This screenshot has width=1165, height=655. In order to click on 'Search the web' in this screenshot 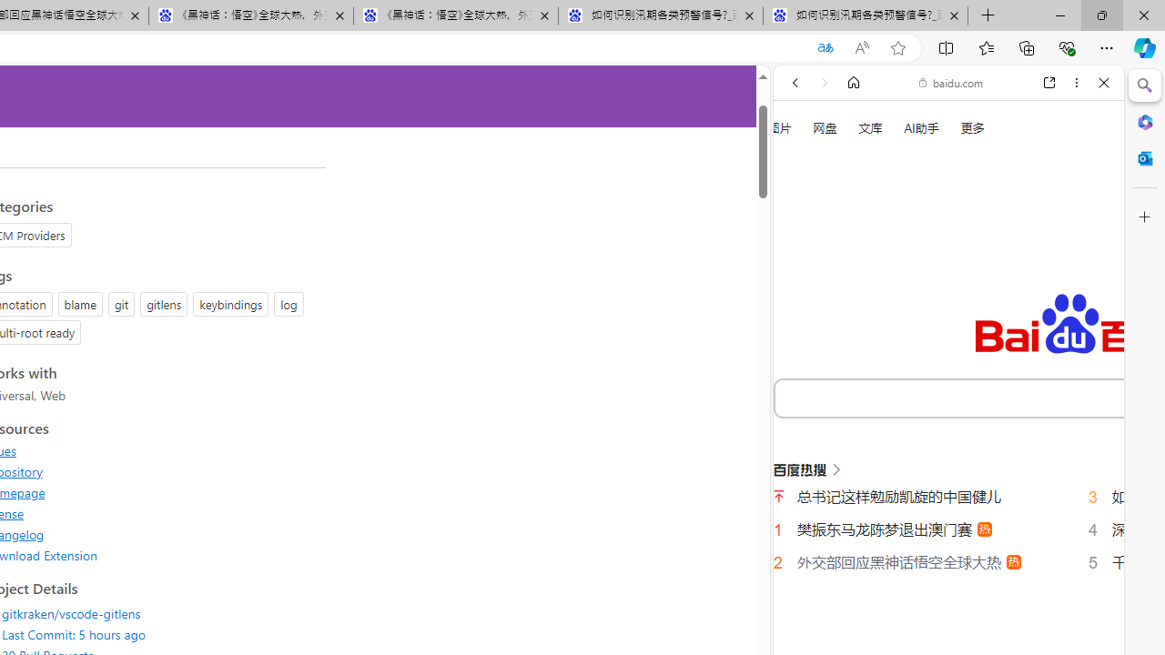, I will do `click(957, 125)`.